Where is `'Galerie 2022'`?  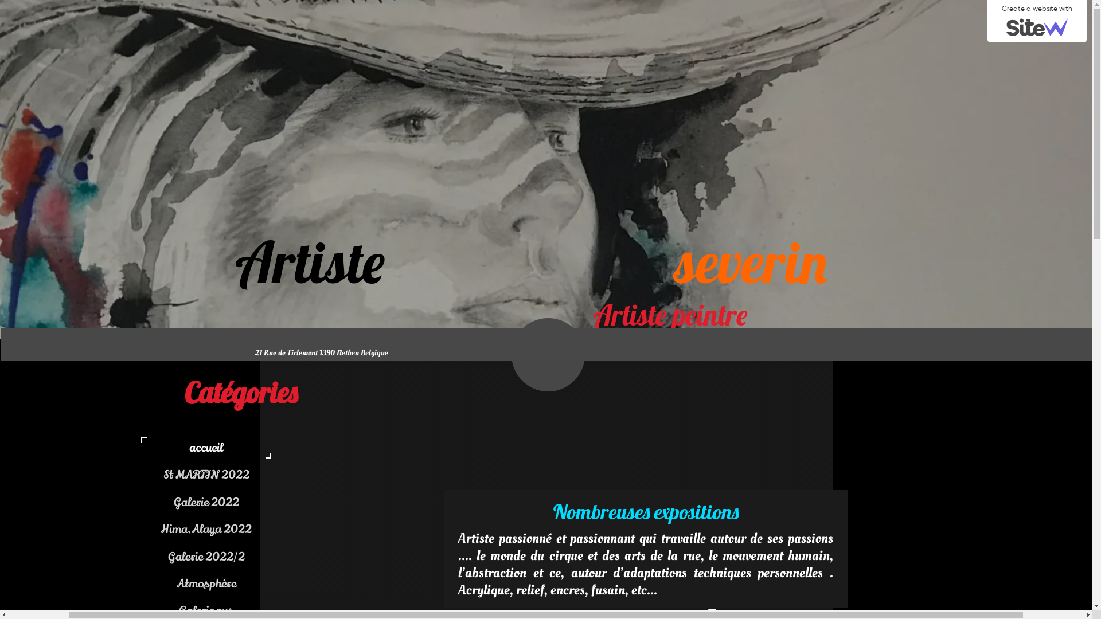
'Galerie 2022' is located at coordinates (209, 502).